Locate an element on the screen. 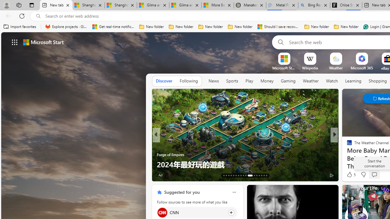 This screenshot has width=390, height=219. 'Microsoft 365' is located at coordinates (362, 68).